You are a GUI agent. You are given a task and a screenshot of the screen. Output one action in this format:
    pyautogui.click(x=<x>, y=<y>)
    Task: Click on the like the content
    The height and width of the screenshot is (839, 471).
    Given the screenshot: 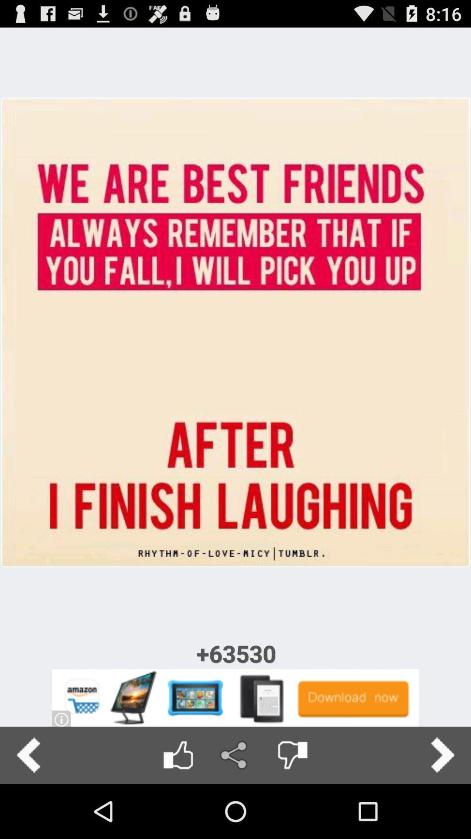 What is the action you would take?
    pyautogui.click(x=177, y=755)
    